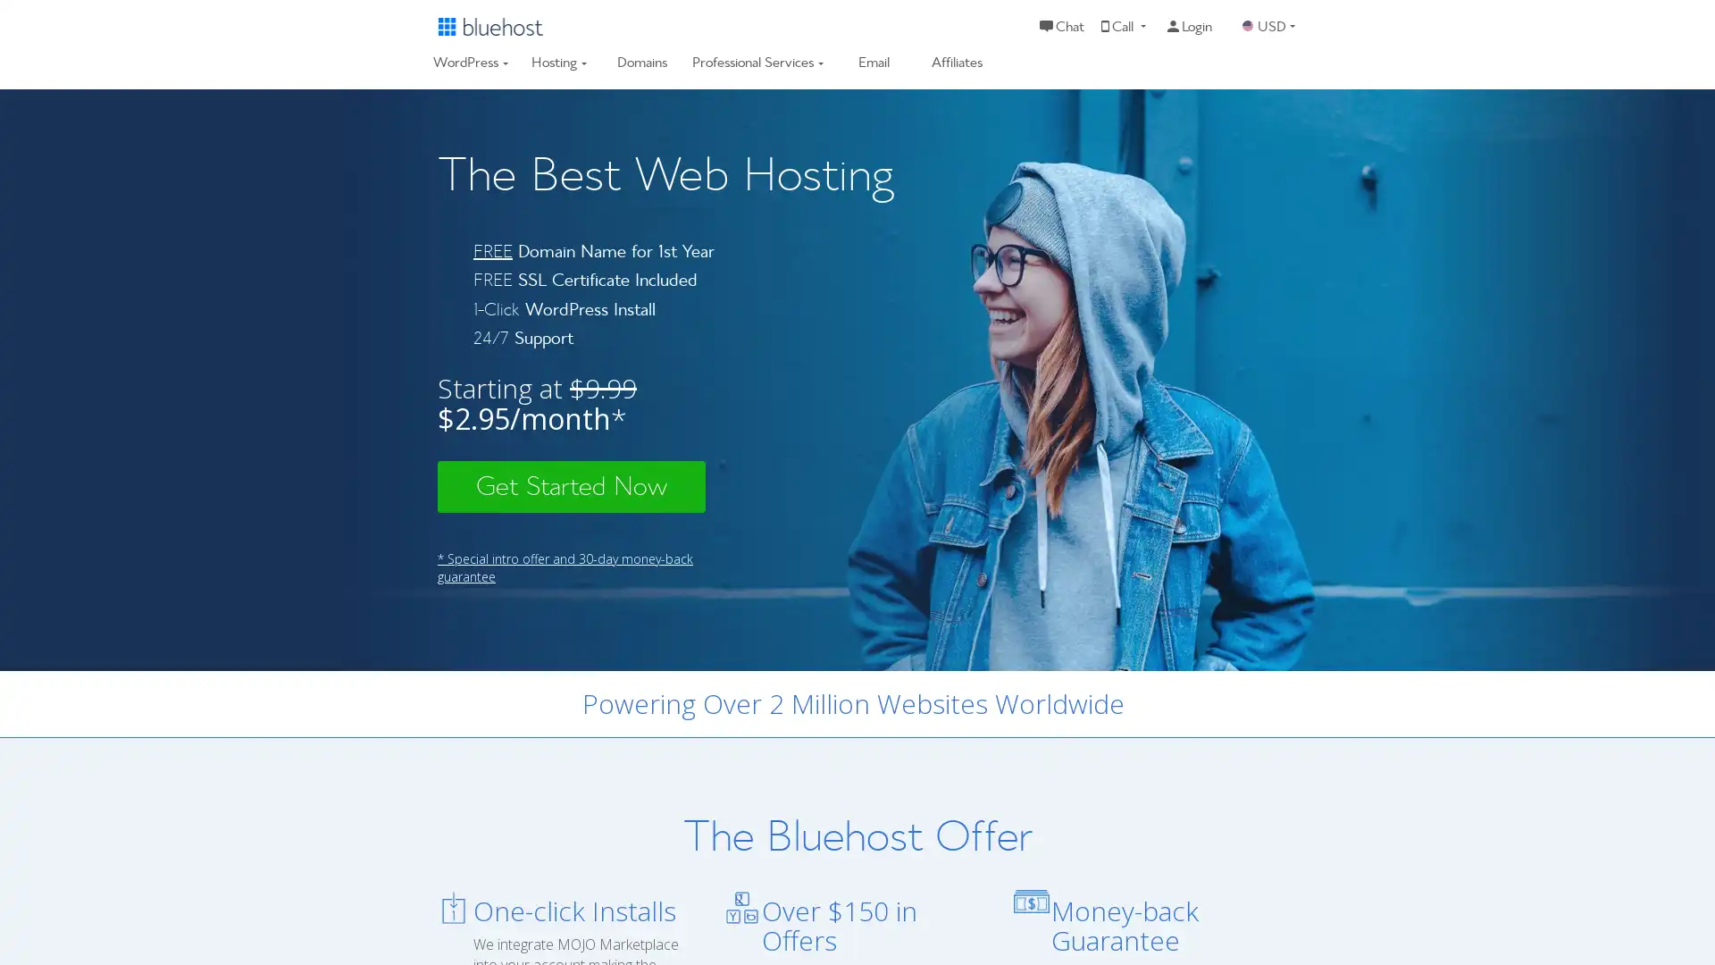  Describe the element at coordinates (181, 860) in the screenshot. I see `Got It` at that location.